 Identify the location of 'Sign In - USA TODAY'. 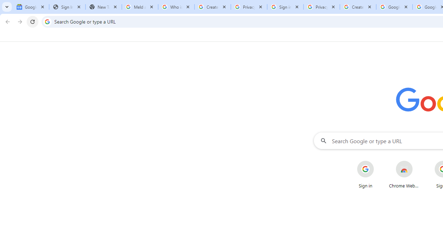
(67, 7).